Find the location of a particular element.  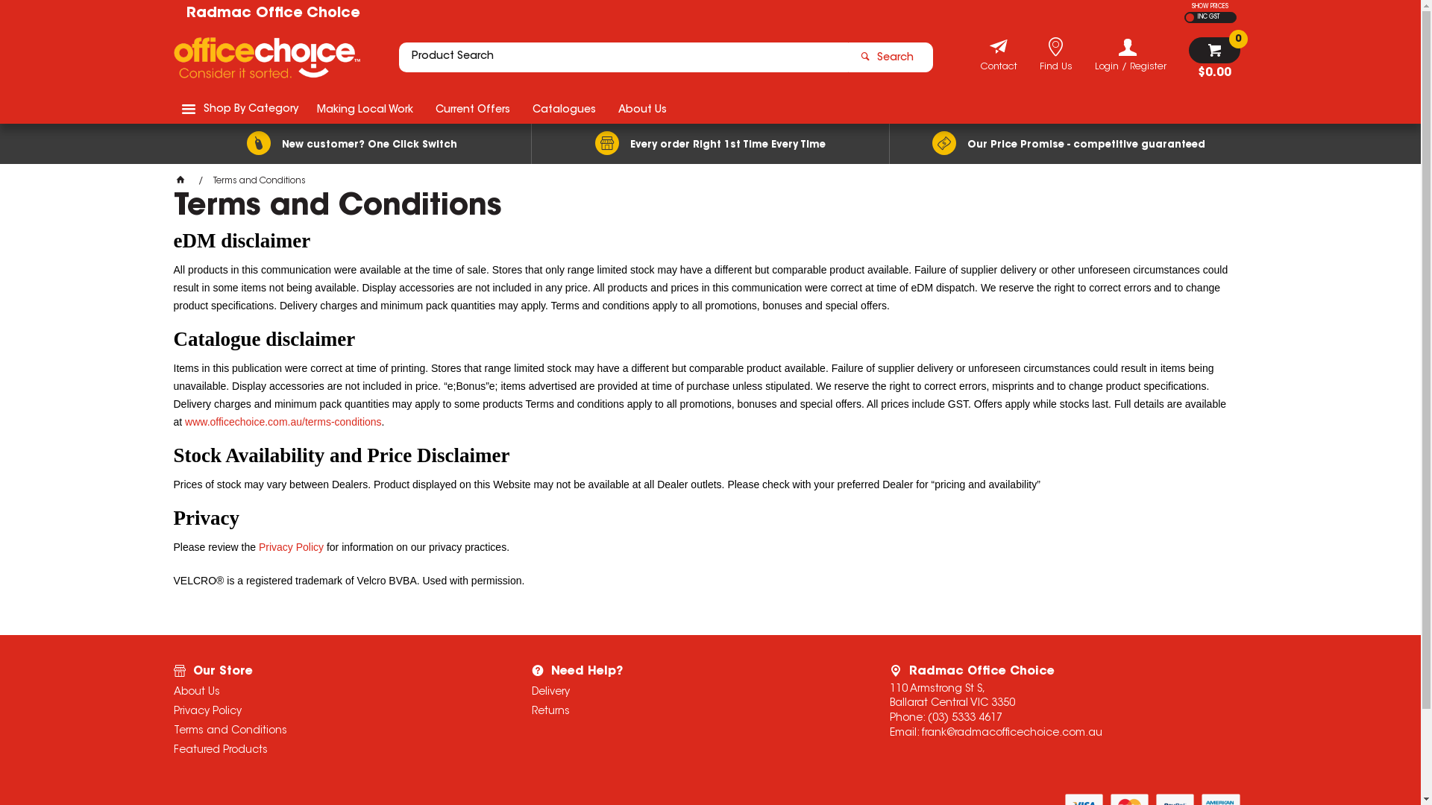

'Current Offers' is located at coordinates (471, 108).